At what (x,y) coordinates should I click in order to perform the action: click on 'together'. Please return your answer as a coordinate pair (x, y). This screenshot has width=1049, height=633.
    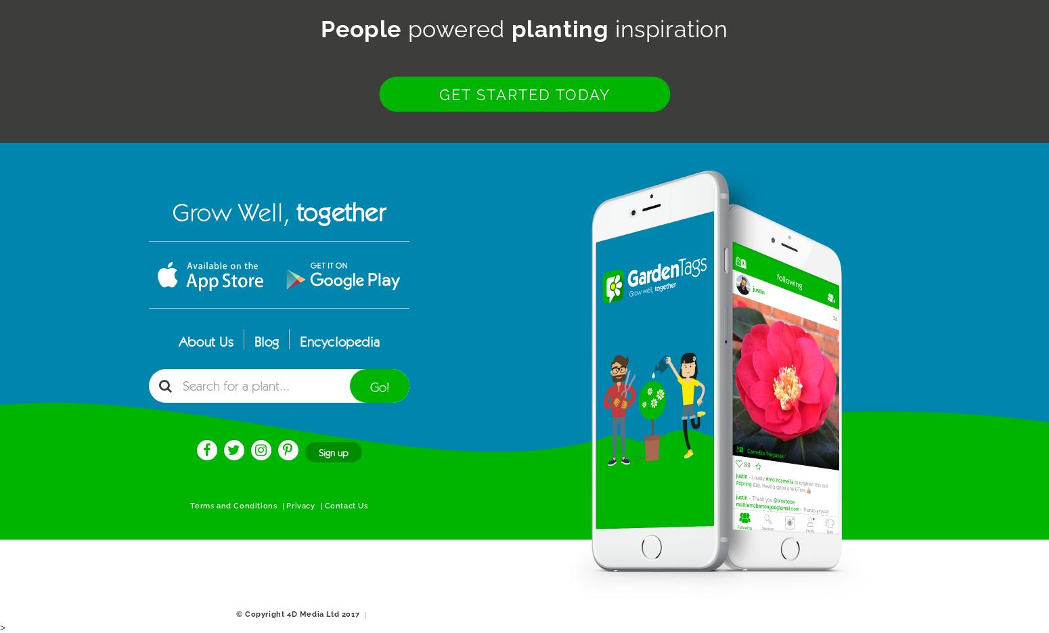
    Looking at the image, I should click on (295, 213).